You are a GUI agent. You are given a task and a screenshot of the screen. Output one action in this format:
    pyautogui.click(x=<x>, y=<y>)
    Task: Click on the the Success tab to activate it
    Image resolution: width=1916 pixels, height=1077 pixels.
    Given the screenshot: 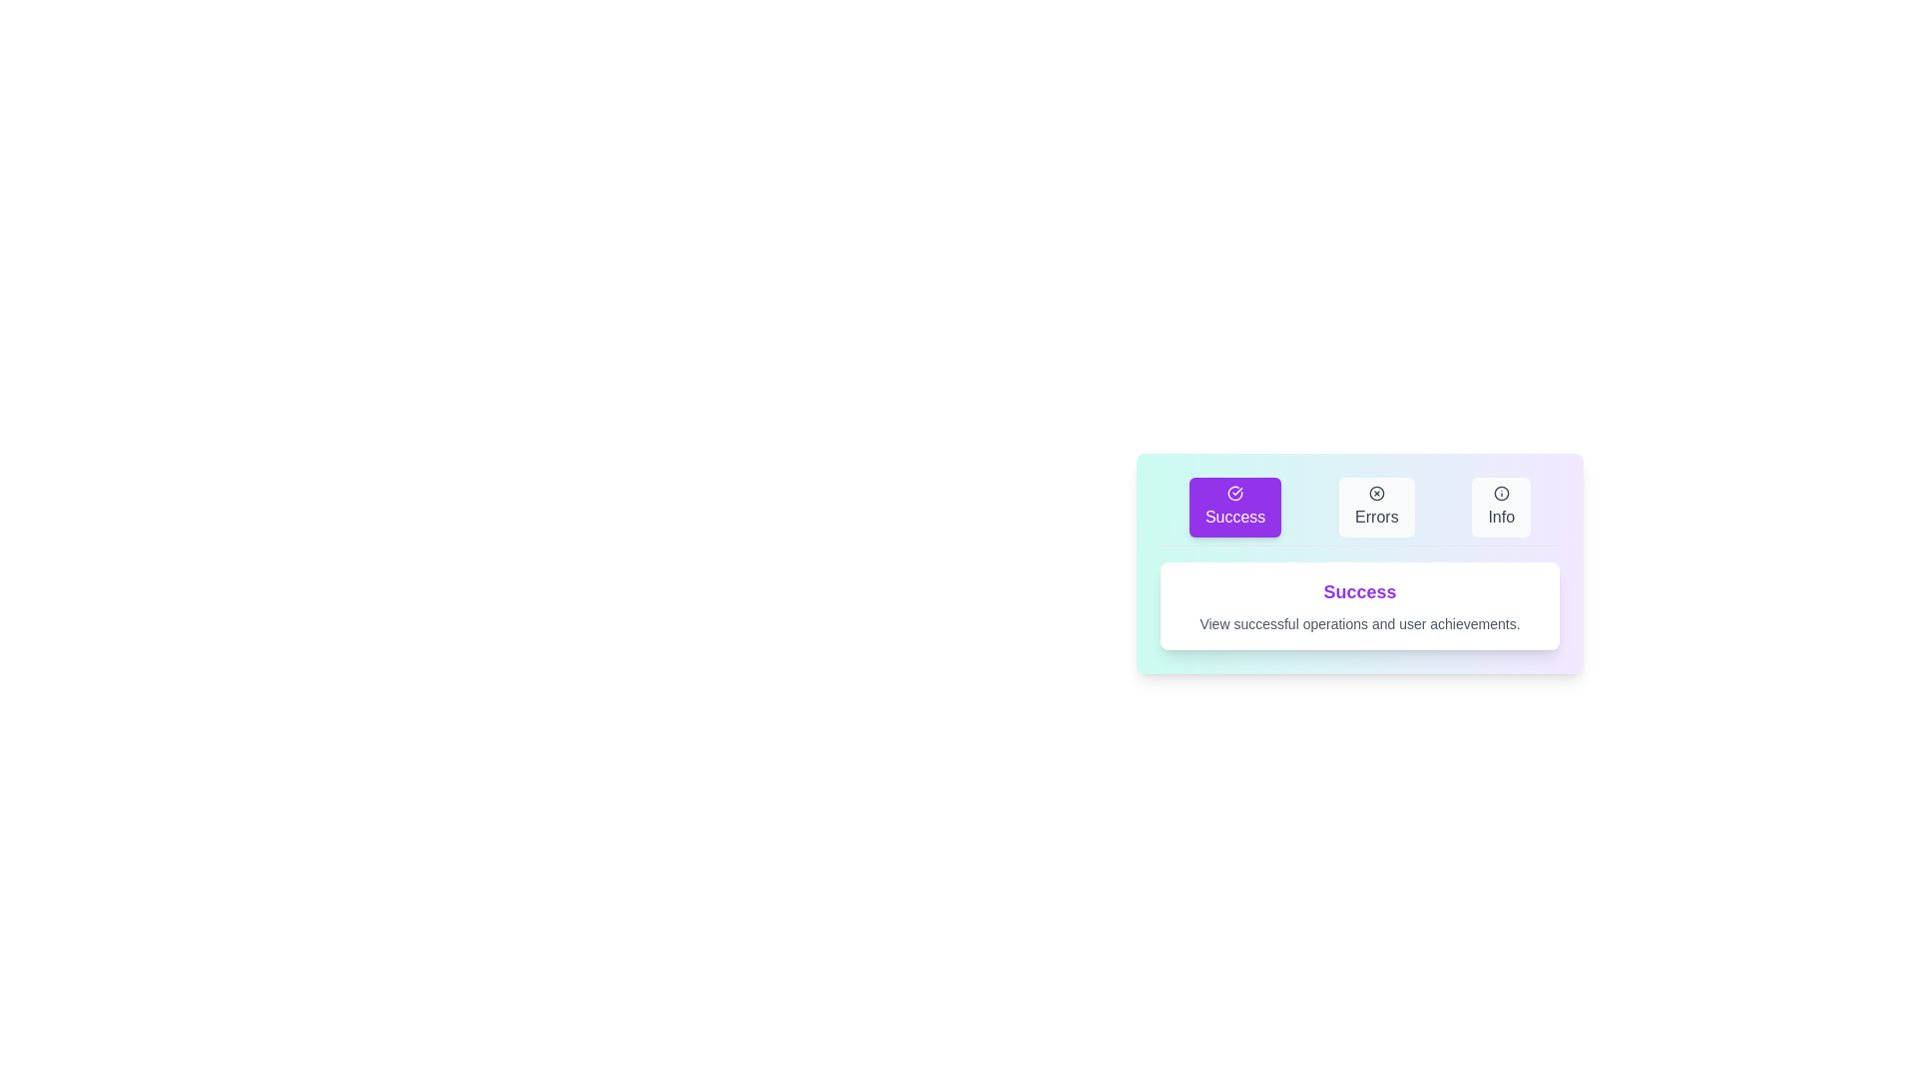 What is the action you would take?
    pyautogui.click(x=1234, y=507)
    